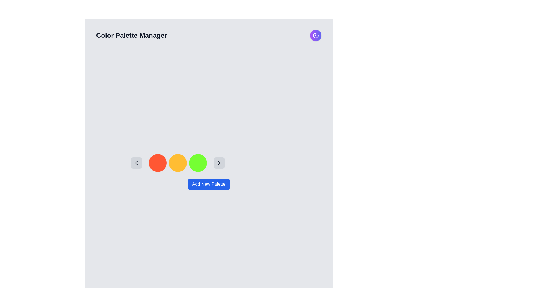  Describe the element at coordinates (315, 36) in the screenshot. I see `the circular button with a gradient fill from purple to indigo featuring a white moon icon, located in the top-right corner of the 'Color Palette Manager' header` at that location.